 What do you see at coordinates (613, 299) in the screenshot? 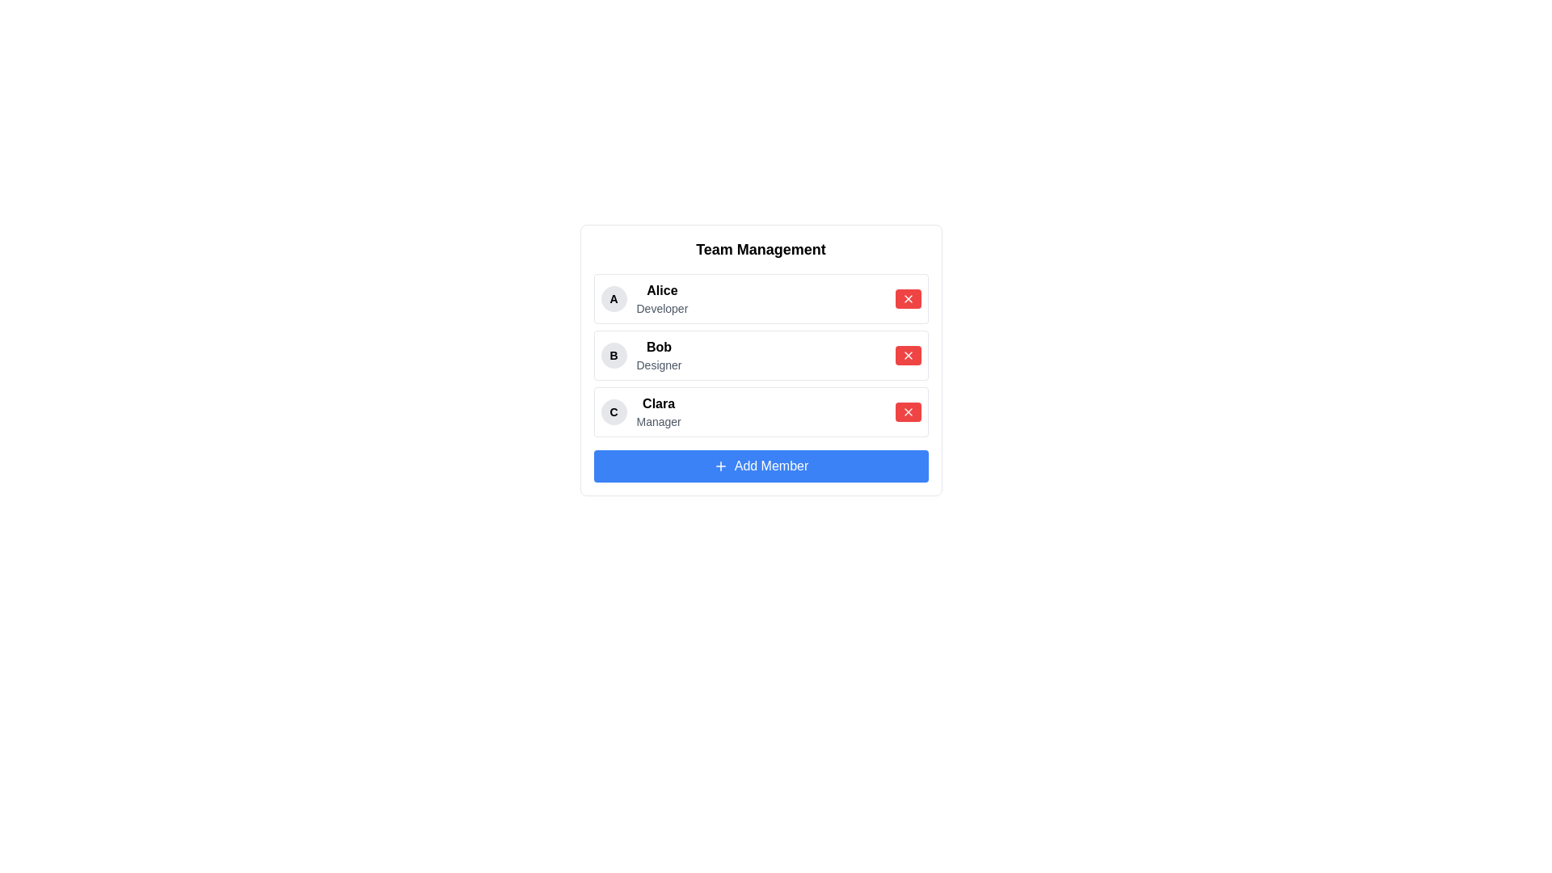
I see `the circular badge Avatar with a light gray background and centered uppercase 'A' in bold black text, located in the 'Team Management' section` at bounding box center [613, 299].